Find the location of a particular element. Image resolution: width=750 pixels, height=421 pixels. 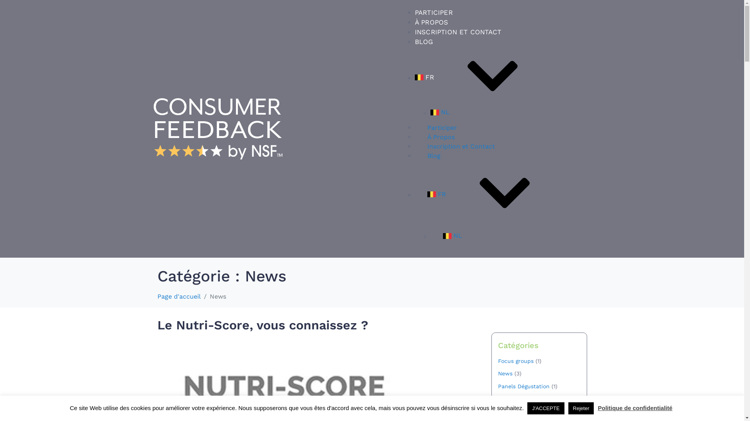

'Participer' is located at coordinates (442, 127).